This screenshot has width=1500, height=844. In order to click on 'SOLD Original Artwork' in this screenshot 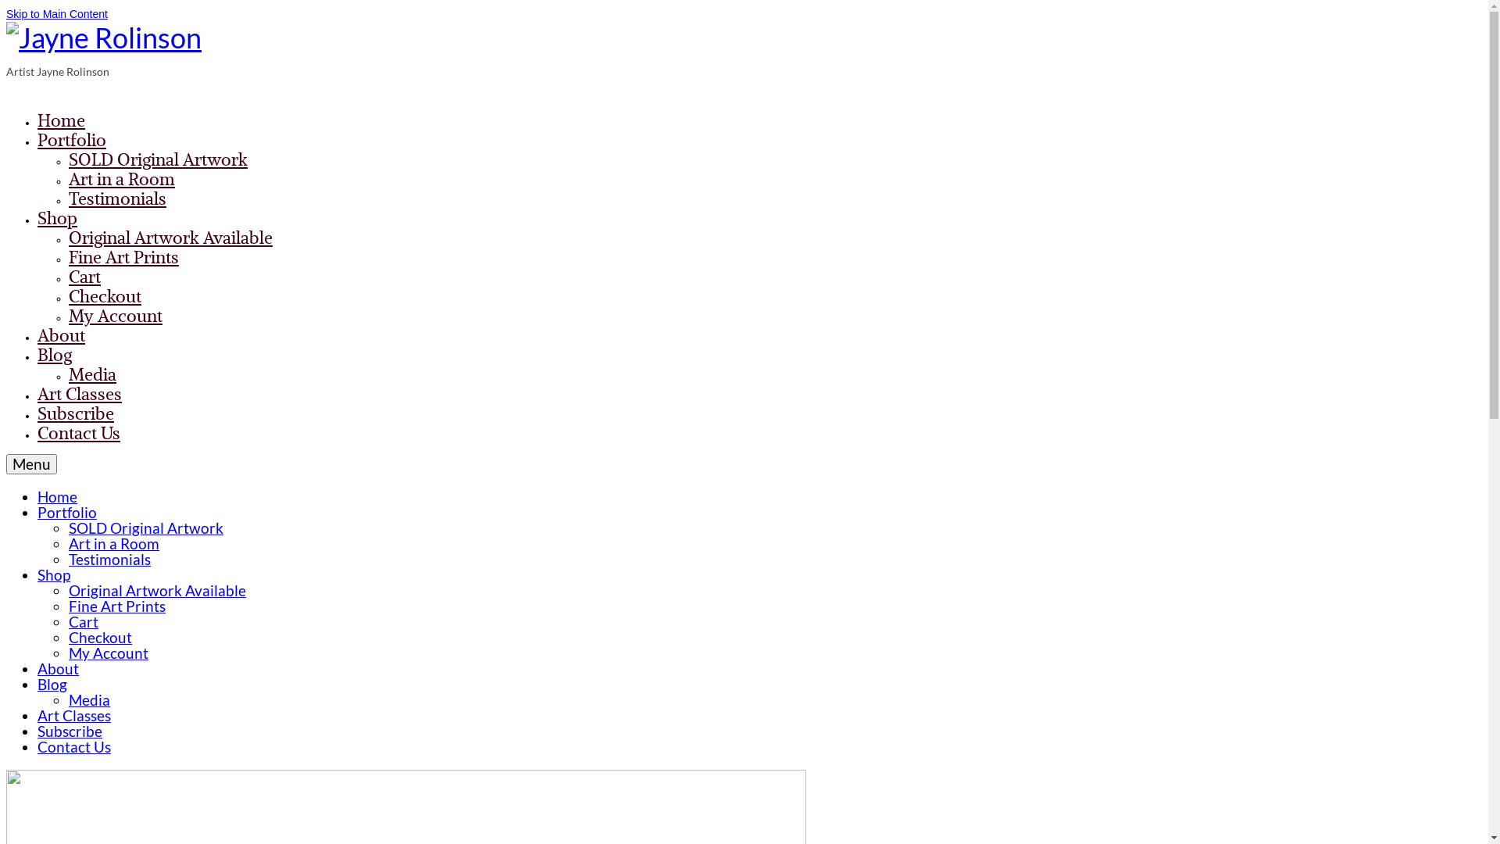, I will do `click(158, 159)`.